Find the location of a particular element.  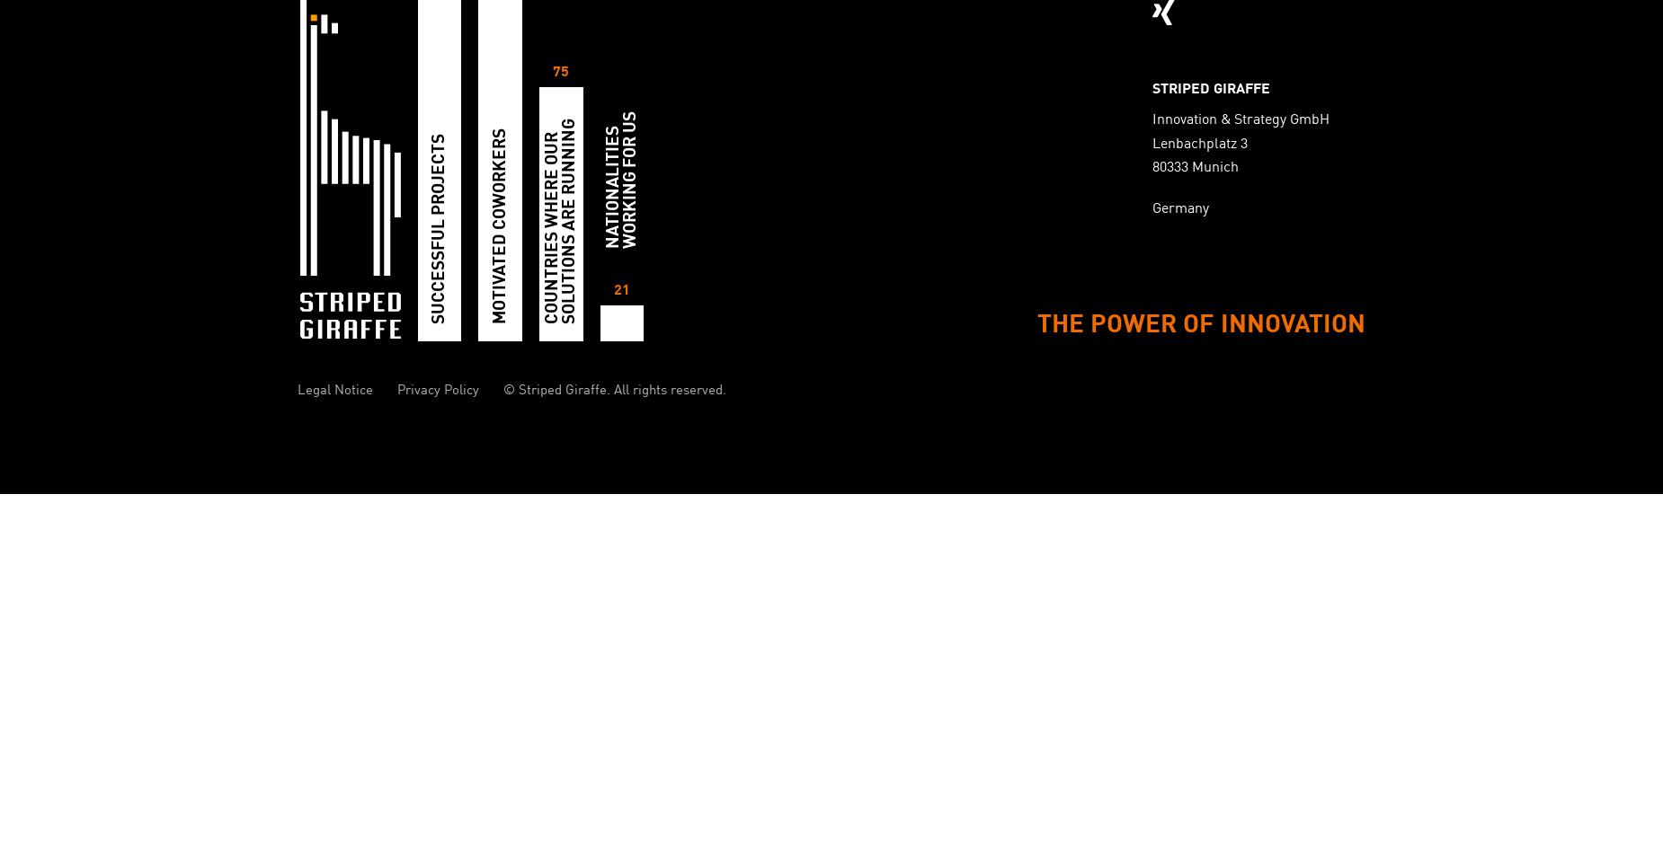

'75' is located at coordinates (552, 72).